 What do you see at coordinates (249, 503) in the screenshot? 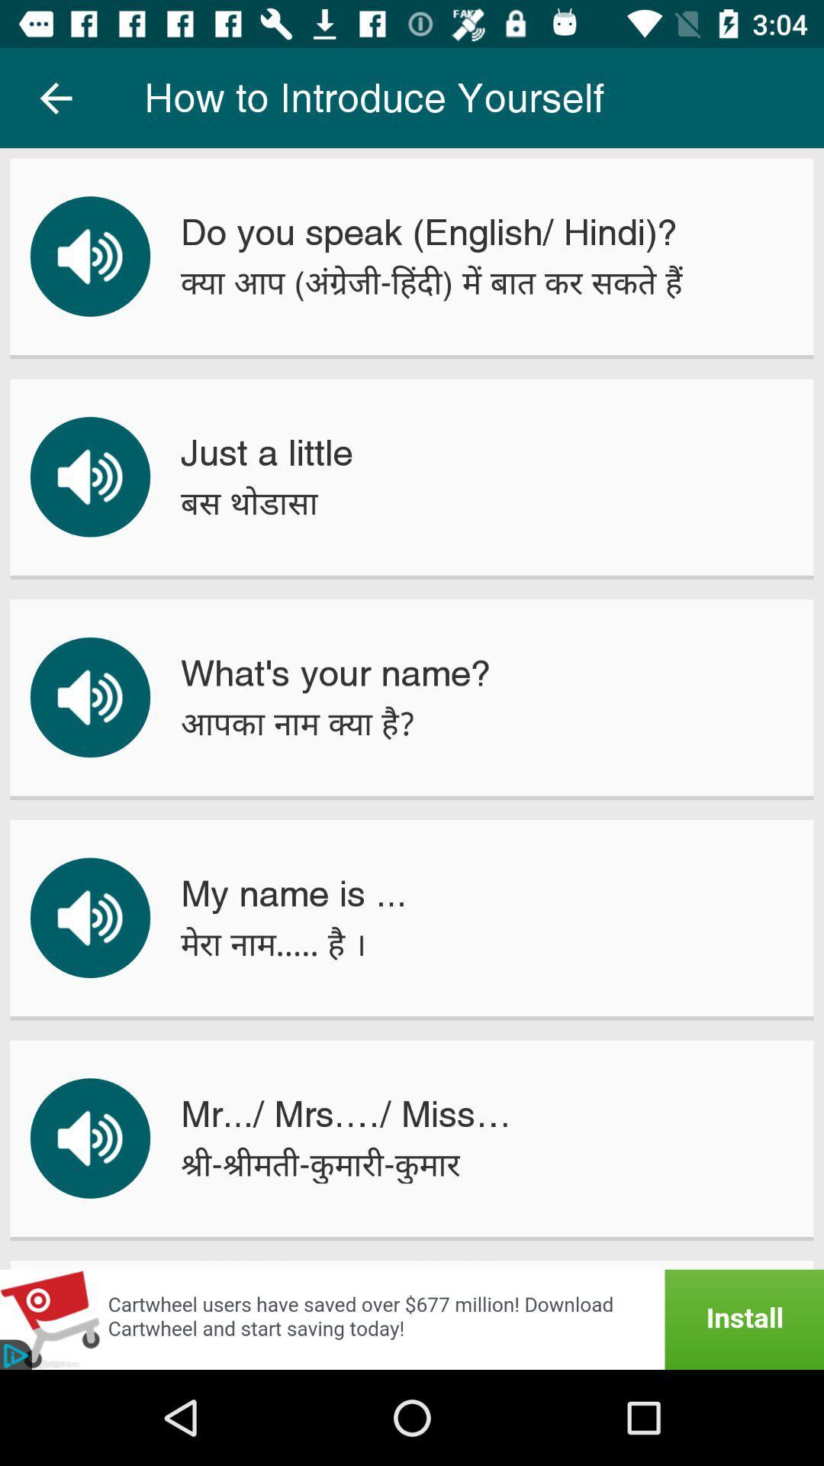
I see `icon above what s your icon` at bounding box center [249, 503].